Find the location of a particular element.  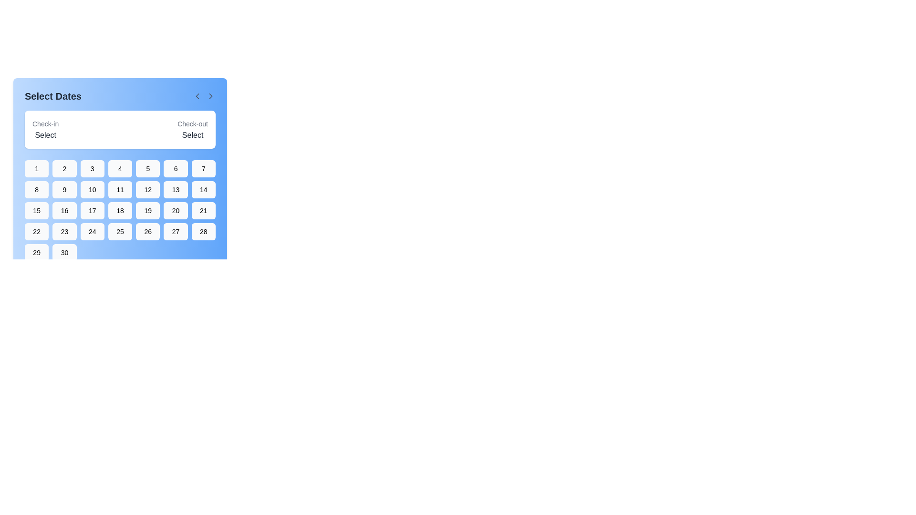

the square button with rounded corners displaying the number '9' in the 'Select Dates' interface is located at coordinates (64, 189).